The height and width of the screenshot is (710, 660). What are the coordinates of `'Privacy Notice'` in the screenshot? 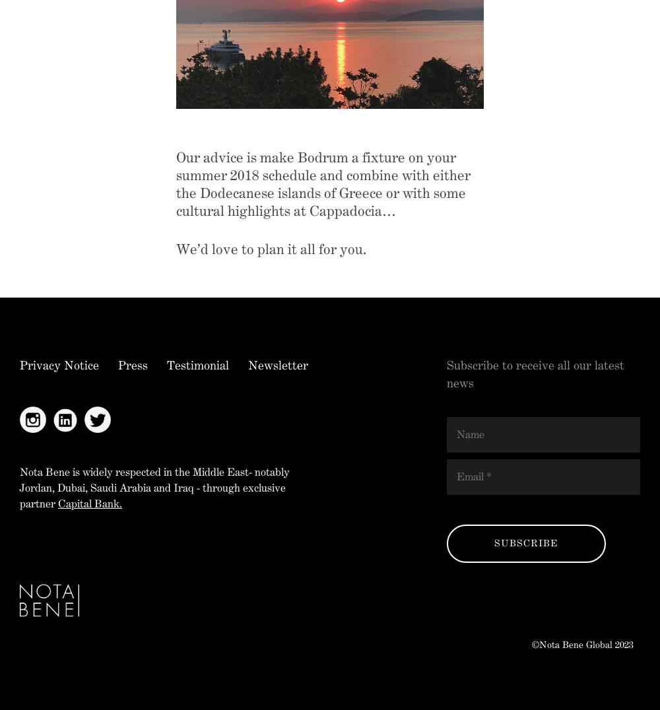 It's located at (20, 364).